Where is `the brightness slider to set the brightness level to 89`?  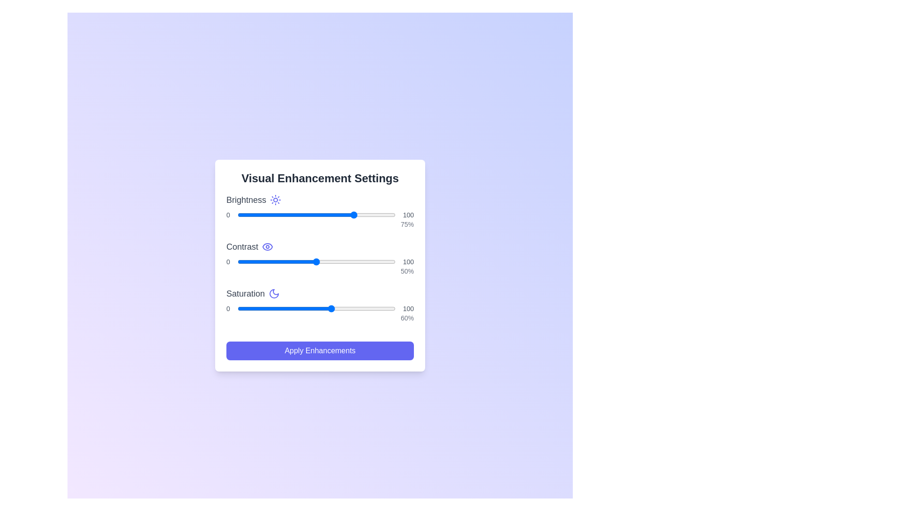 the brightness slider to set the brightness level to 89 is located at coordinates (378, 215).